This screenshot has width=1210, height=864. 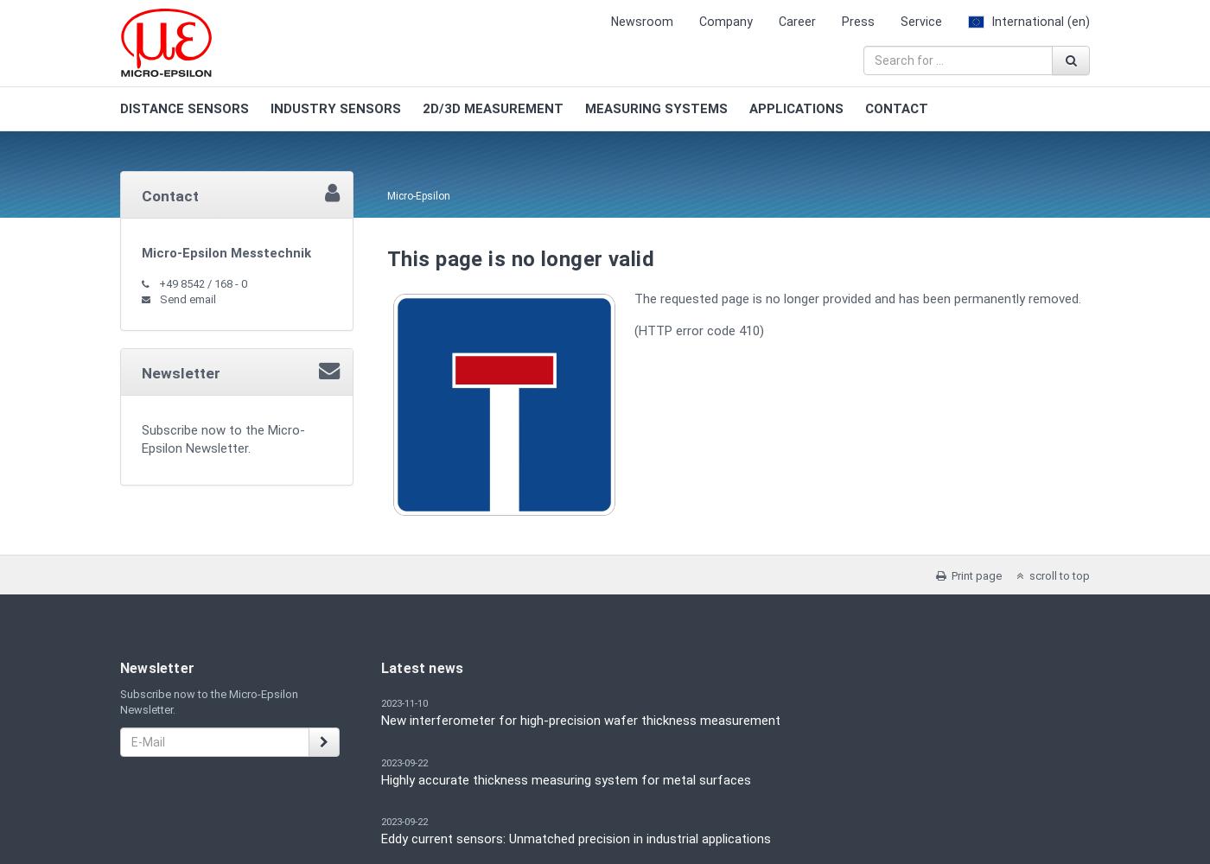 I want to click on 'New interferometer for high-precision wafer thickness measurement', so click(x=581, y=720).